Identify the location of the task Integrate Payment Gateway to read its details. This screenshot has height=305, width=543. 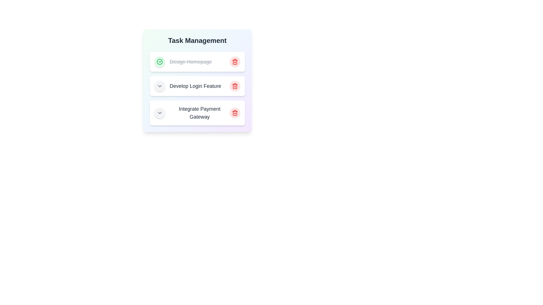
(197, 113).